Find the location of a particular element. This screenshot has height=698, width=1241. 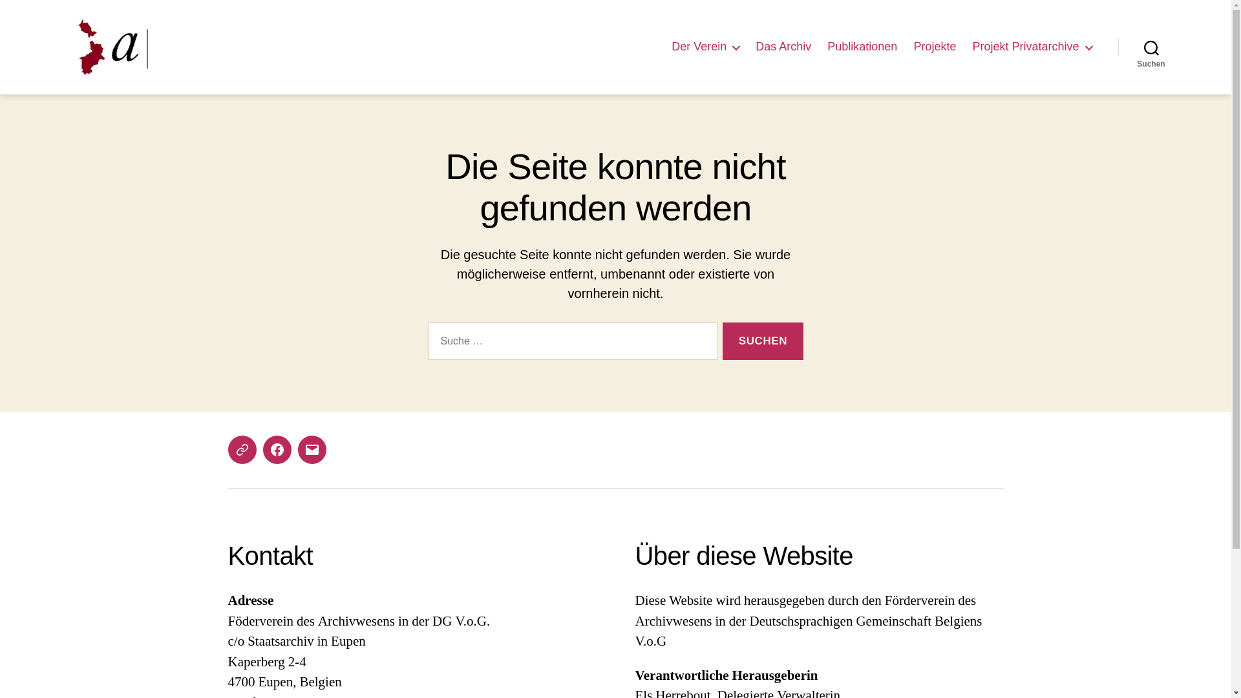

'Publikationen' is located at coordinates (862, 47).